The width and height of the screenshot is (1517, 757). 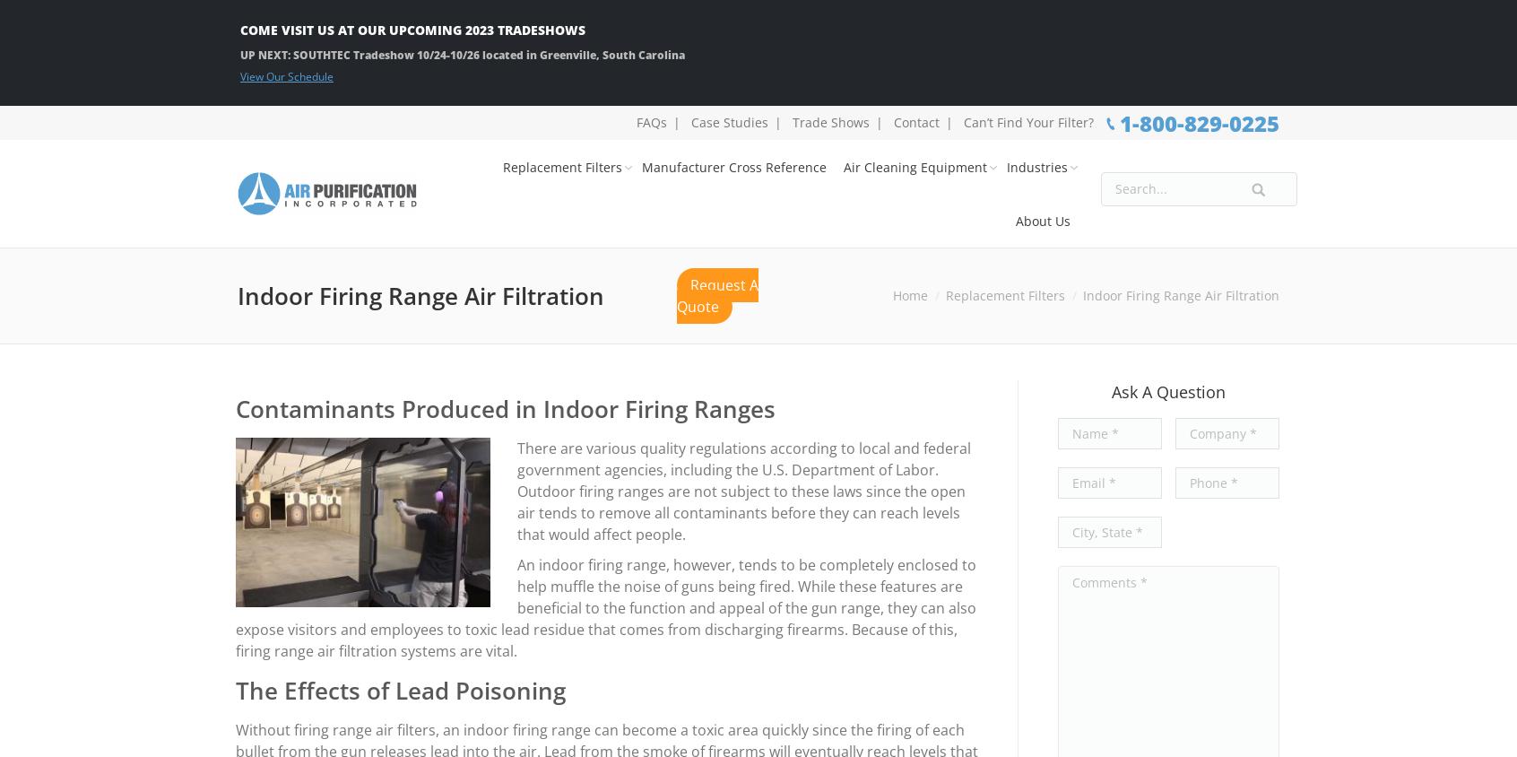 I want to click on 'Bag Filters', so click(x=773, y=349).